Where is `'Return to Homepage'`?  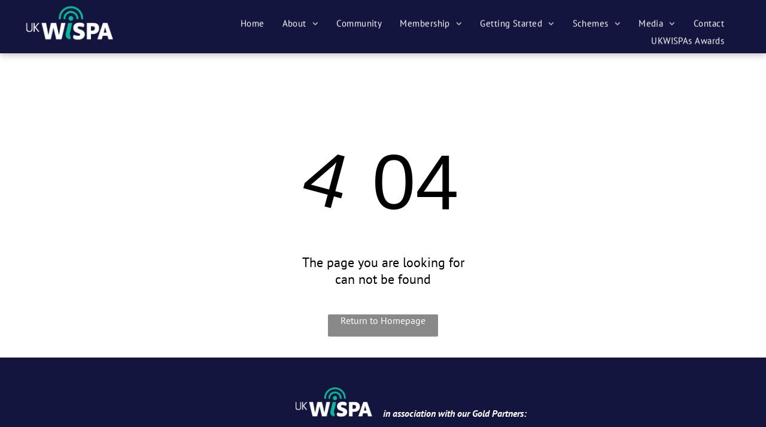
'Return to Homepage' is located at coordinates (339, 319).